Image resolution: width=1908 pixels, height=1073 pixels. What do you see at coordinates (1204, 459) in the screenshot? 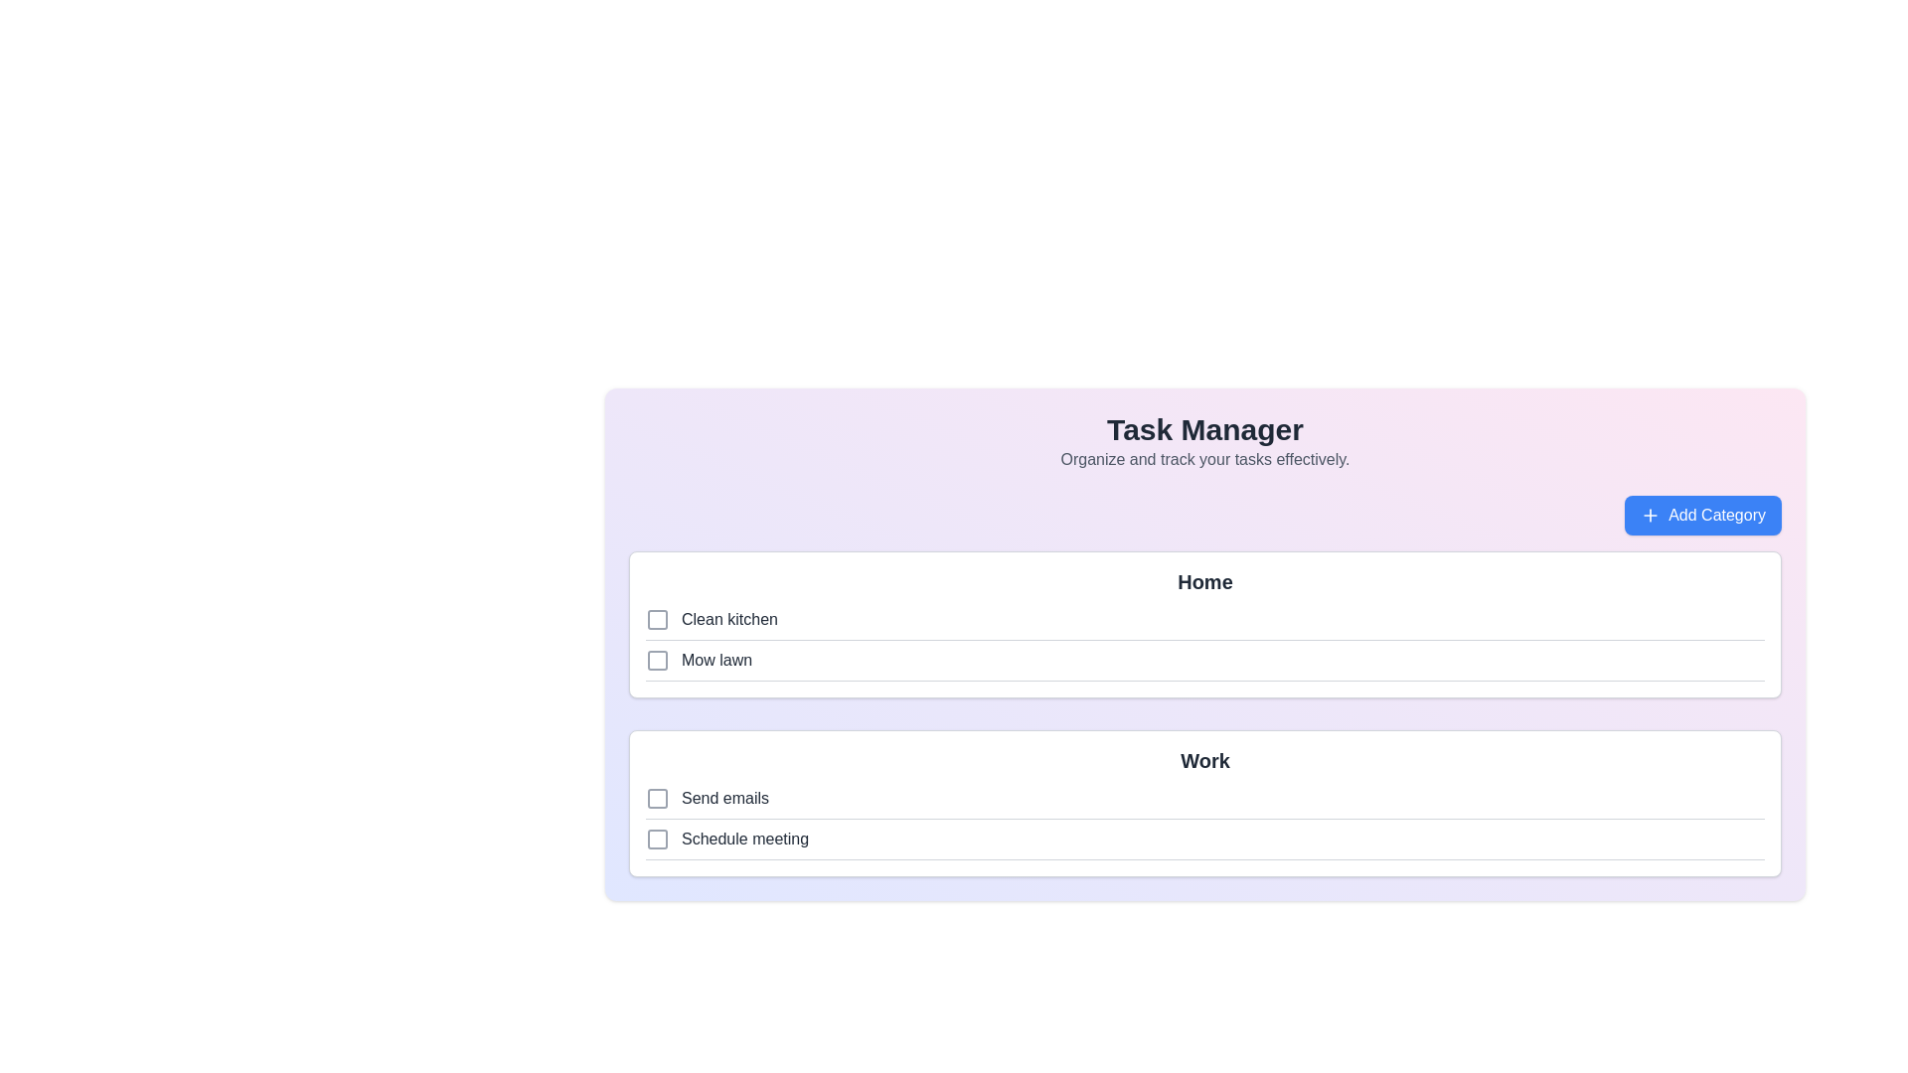
I see `the gray text line located directly below the bold title 'Task Manager', which provides additional descriptive information about the application` at bounding box center [1204, 459].